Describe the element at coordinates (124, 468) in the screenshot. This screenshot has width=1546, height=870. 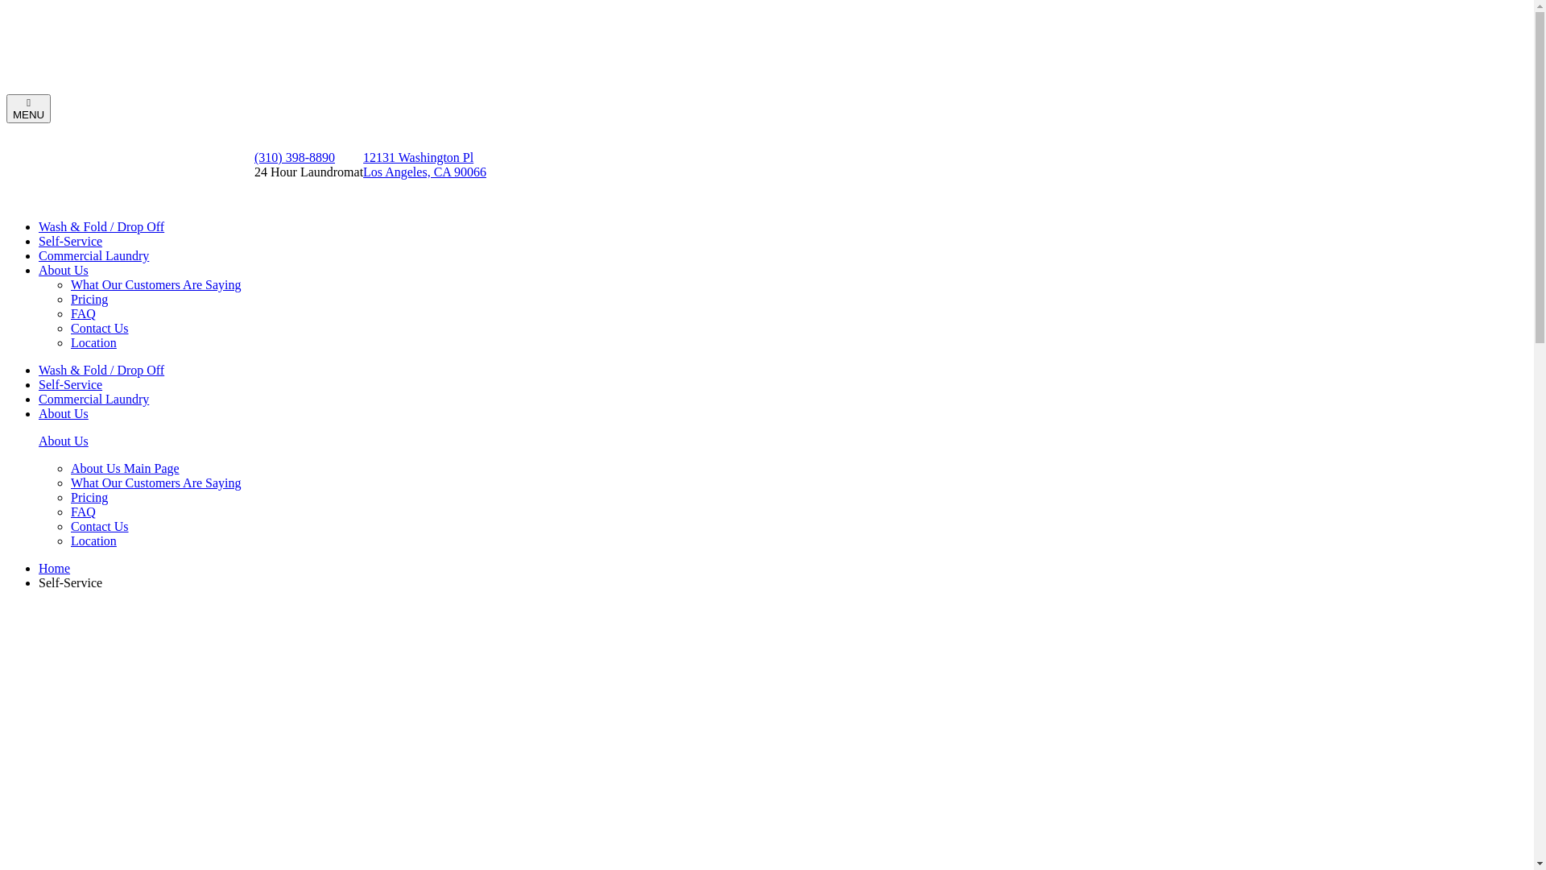
I see `'About Us Main Page'` at that location.